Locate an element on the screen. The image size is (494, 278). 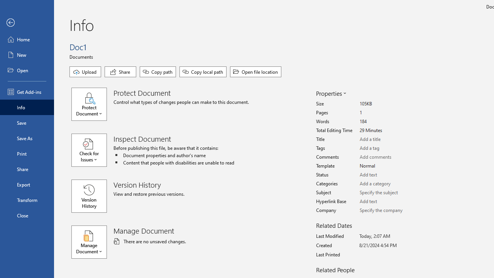
'Documents' is located at coordinates (82, 56).